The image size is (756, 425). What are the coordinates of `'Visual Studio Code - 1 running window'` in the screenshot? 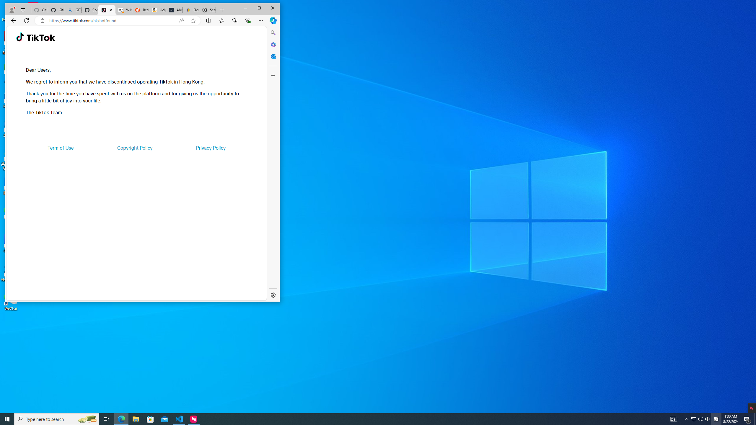 It's located at (179, 419).